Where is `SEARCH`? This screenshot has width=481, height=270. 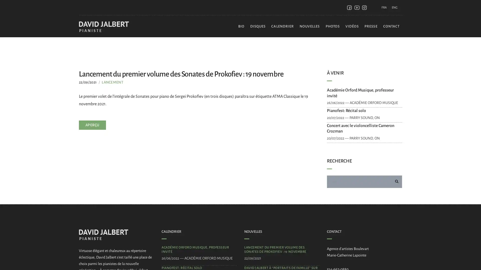
SEARCH is located at coordinates (396, 181).